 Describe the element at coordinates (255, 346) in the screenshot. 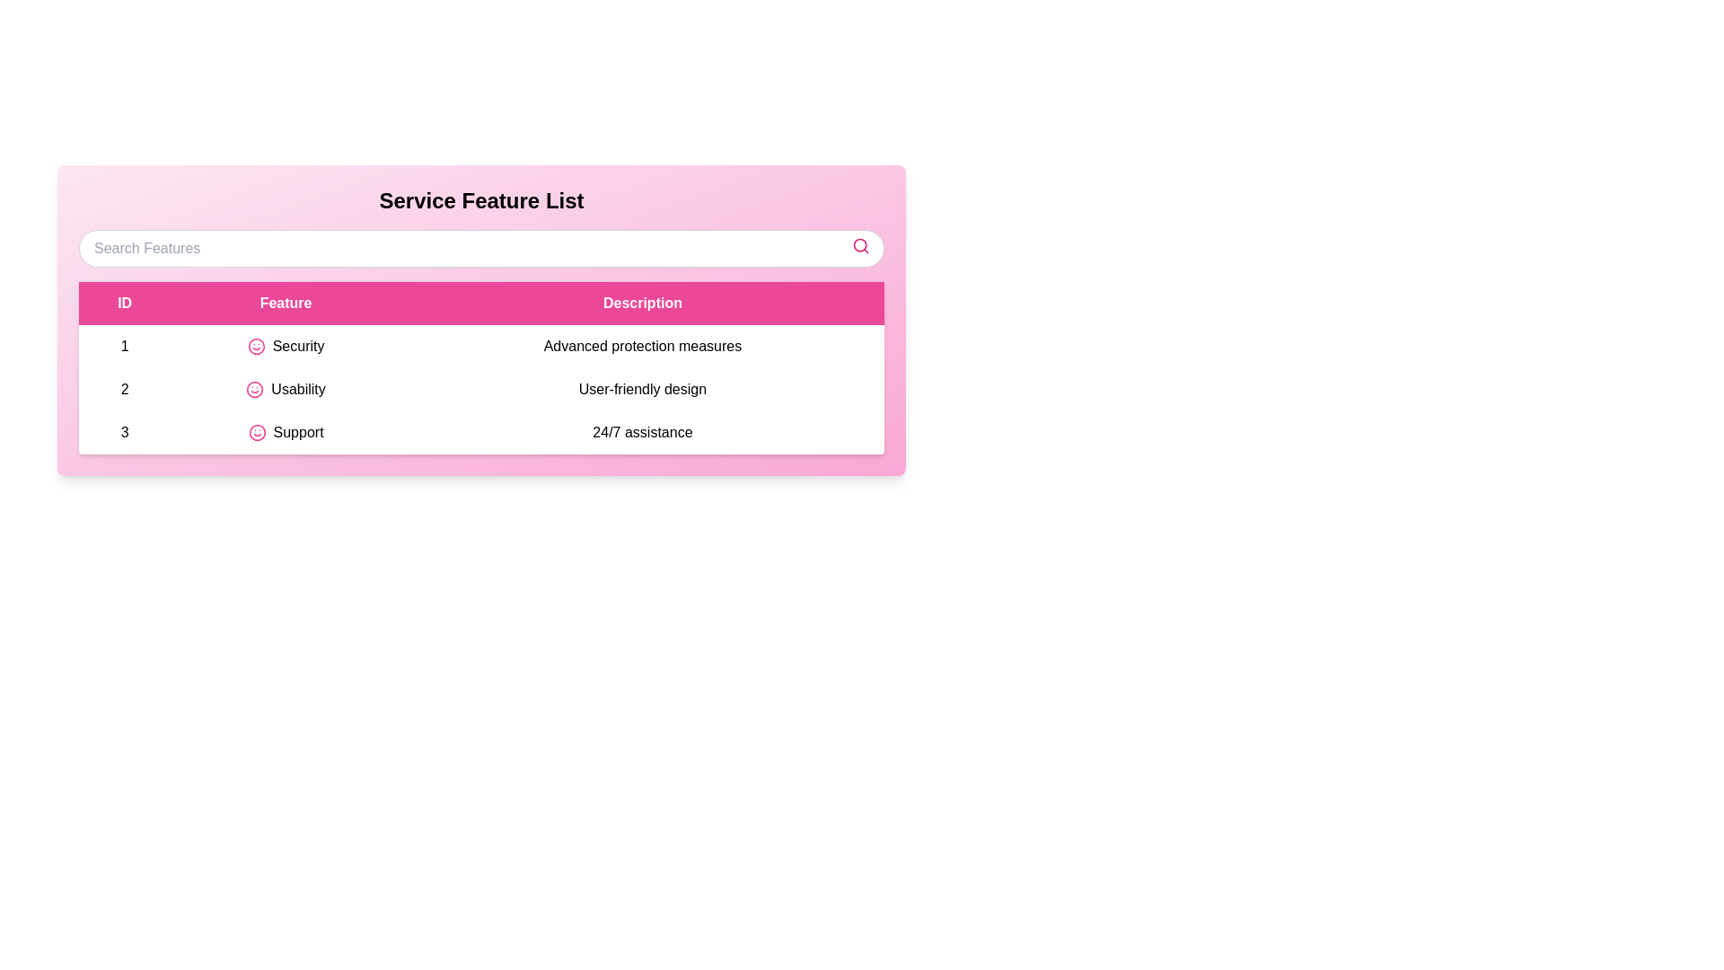

I see `the smiley icon corresponding to the feature Security` at that location.